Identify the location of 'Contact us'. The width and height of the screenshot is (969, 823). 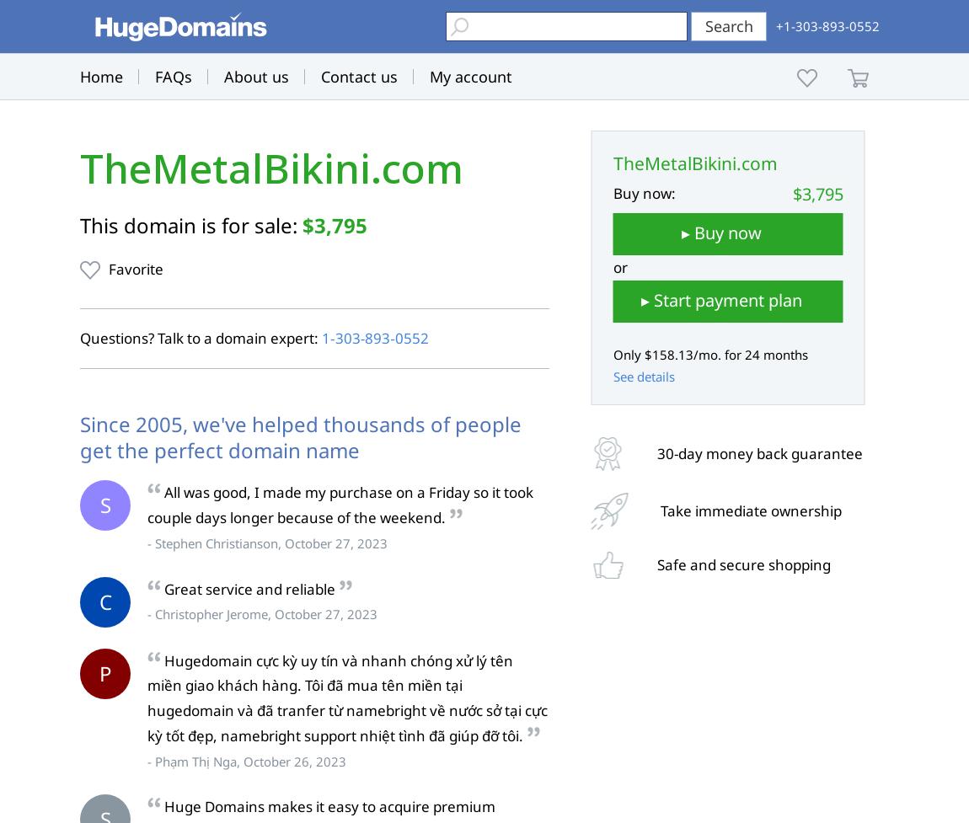
(359, 76).